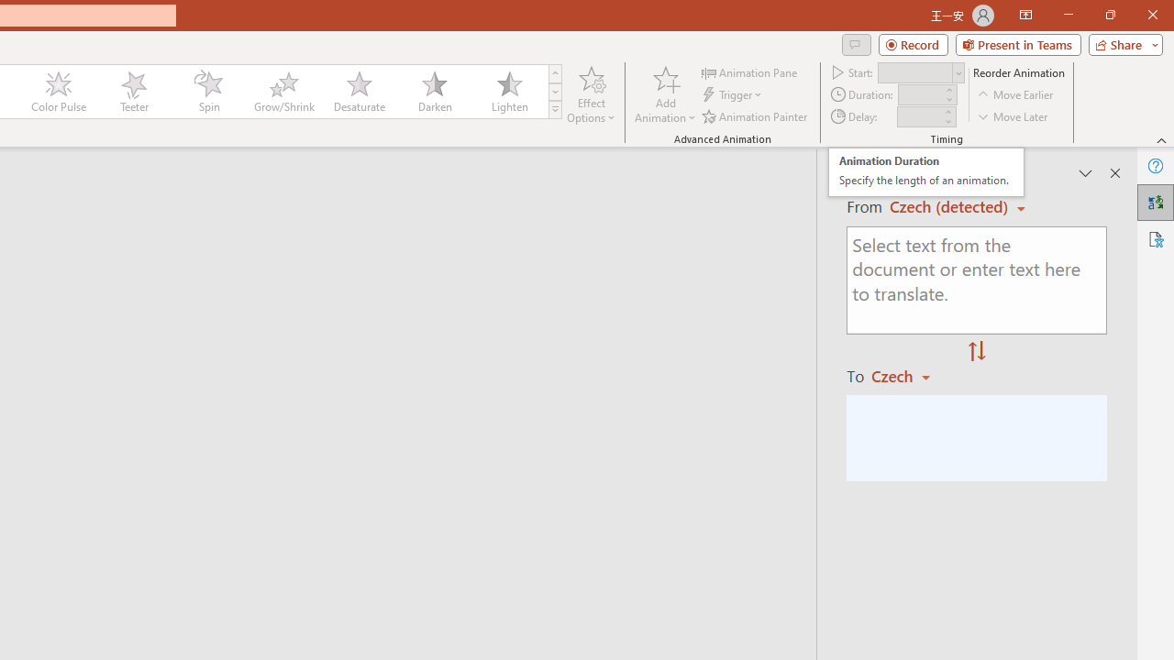 The image size is (1174, 660). Describe the element at coordinates (433, 92) in the screenshot. I see `'Darken'` at that location.